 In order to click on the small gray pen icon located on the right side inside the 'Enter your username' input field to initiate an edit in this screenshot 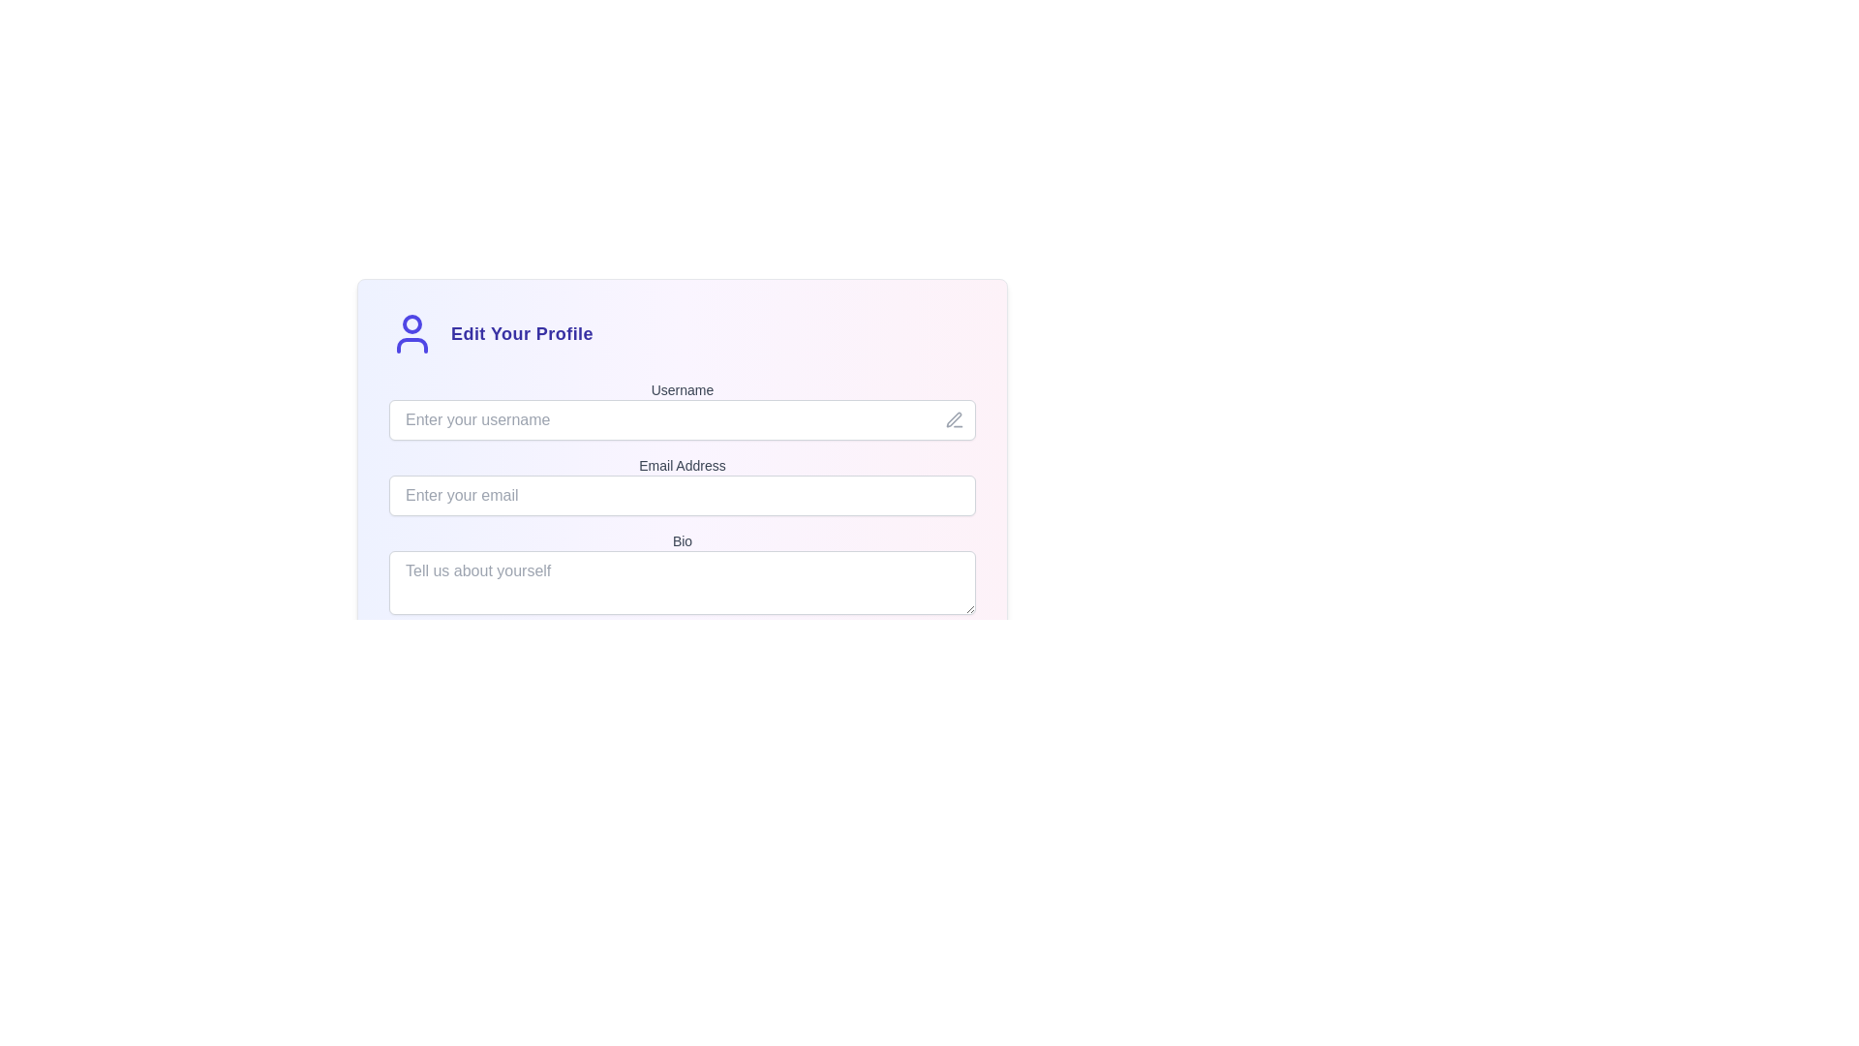, I will do `click(954, 419)`.